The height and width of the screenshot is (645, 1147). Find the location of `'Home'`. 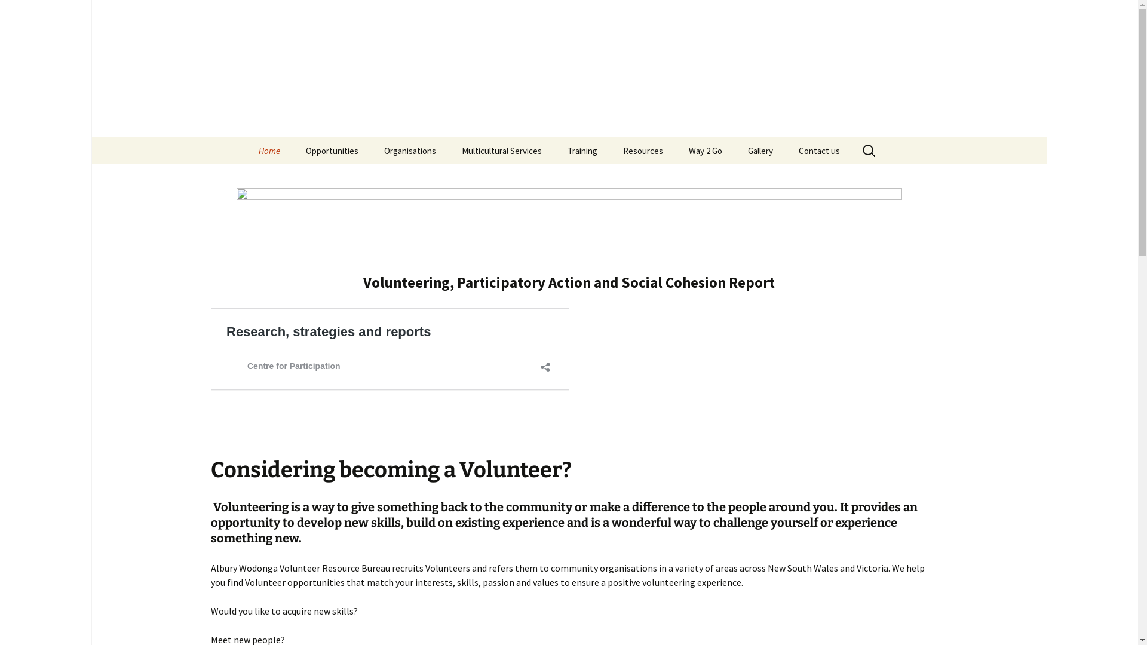

'Home' is located at coordinates (268, 150).